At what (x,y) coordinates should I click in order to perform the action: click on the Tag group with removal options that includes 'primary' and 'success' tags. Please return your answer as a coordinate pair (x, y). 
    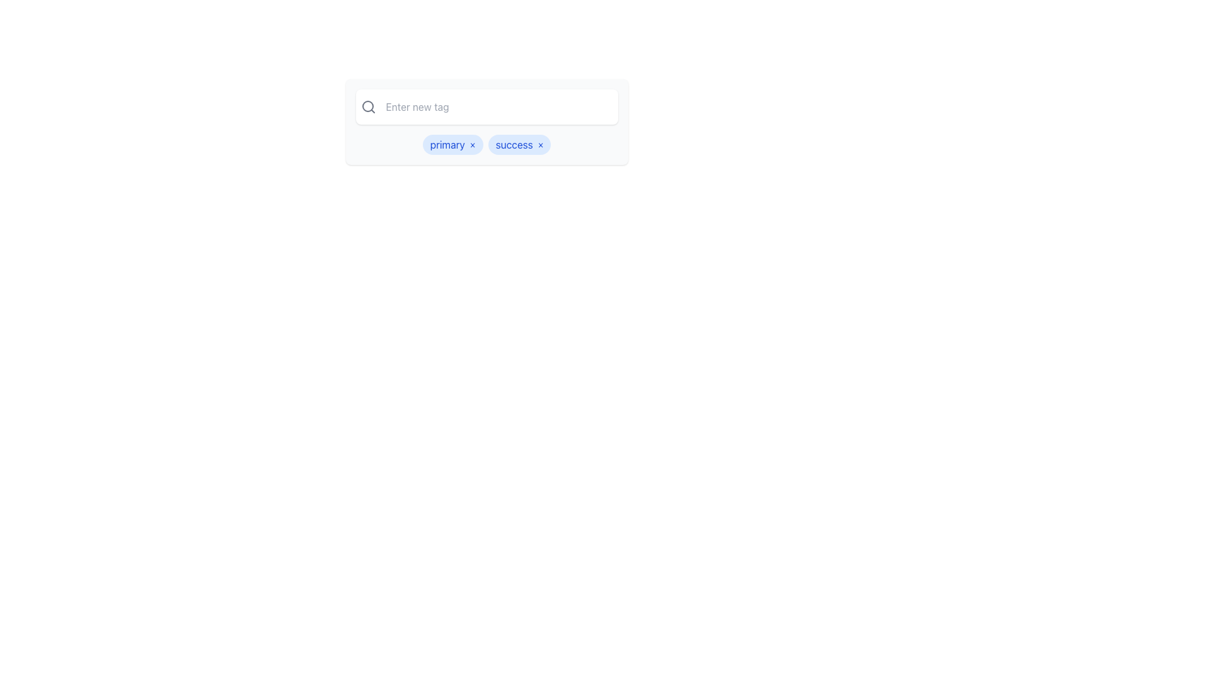
    Looking at the image, I should click on (486, 144).